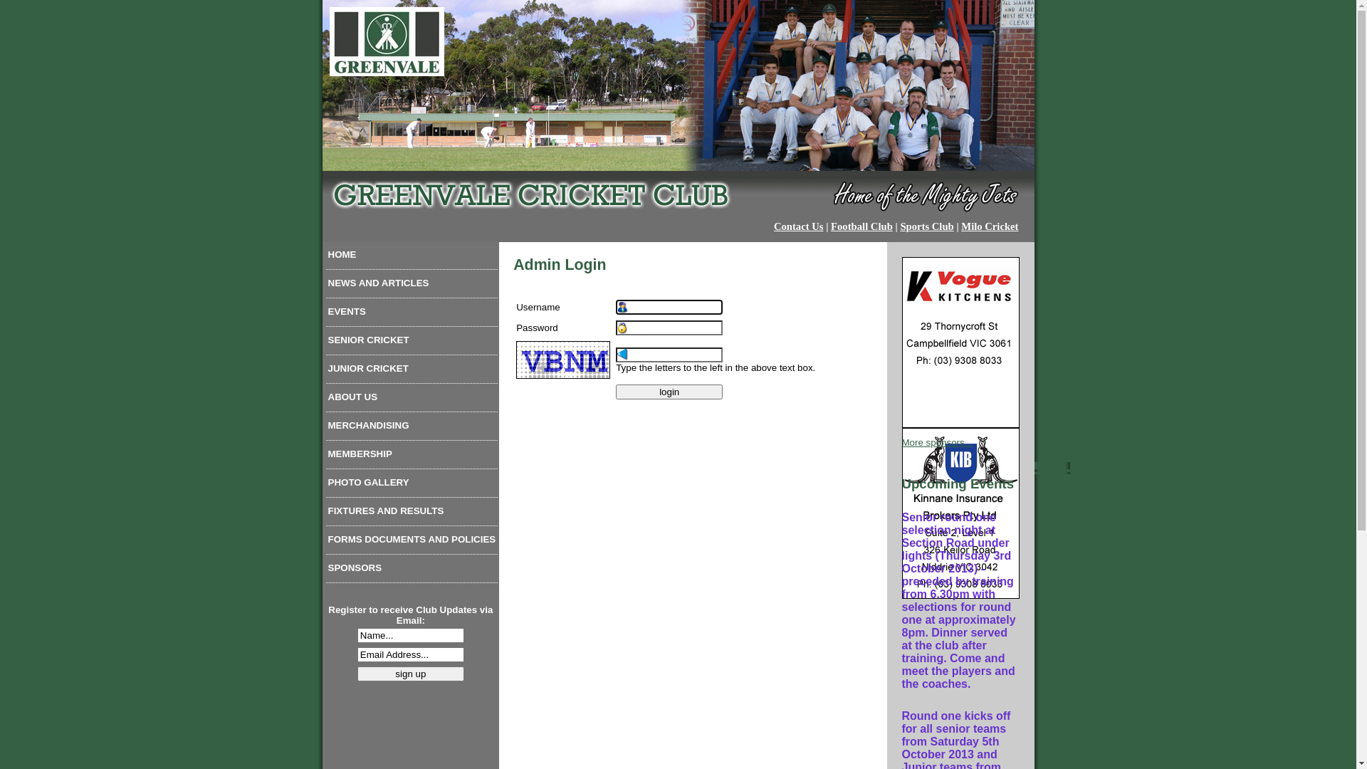  What do you see at coordinates (412, 427) in the screenshot?
I see `'MERCHANDISING'` at bounding box center [412, 427].